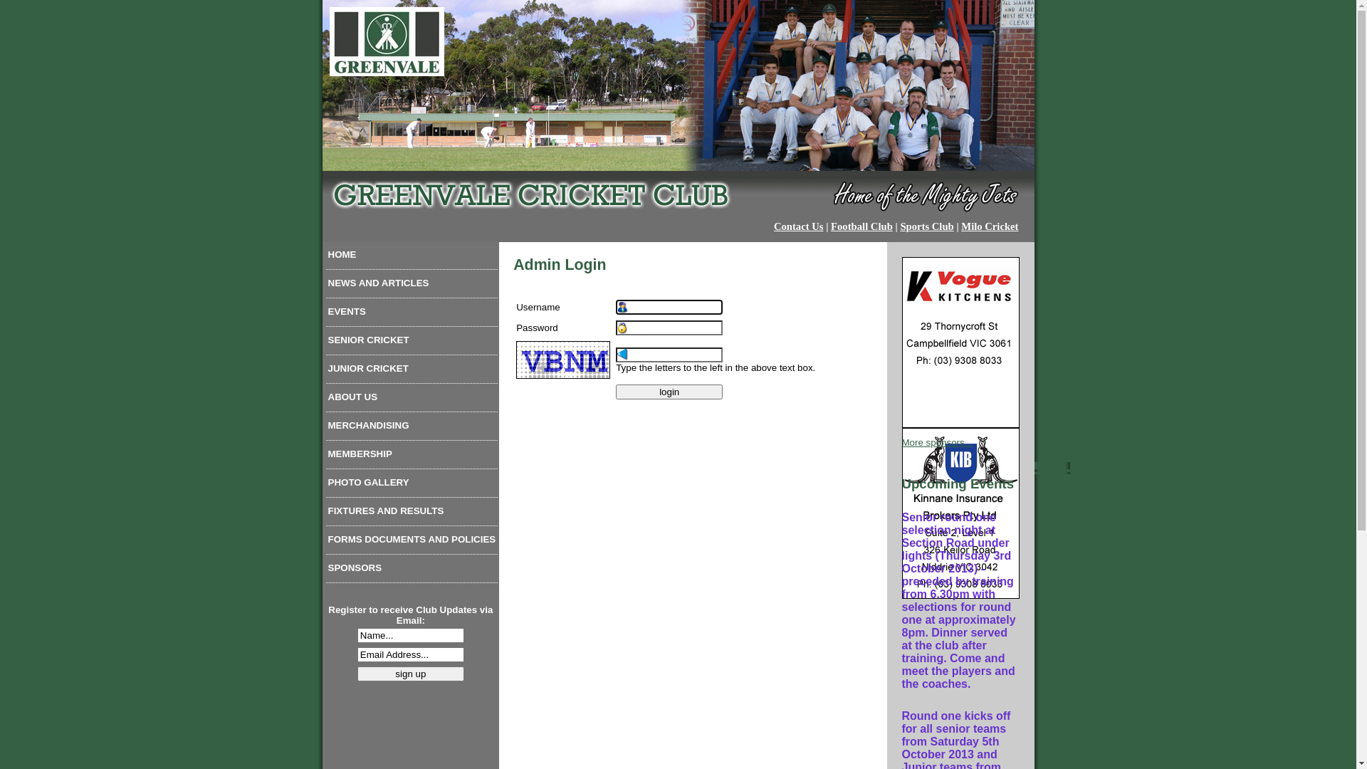  What do you see at coordinates (412, 427) in the screenshot?
I see `'MERCHANDISING'` at bounding box center [412, 427].